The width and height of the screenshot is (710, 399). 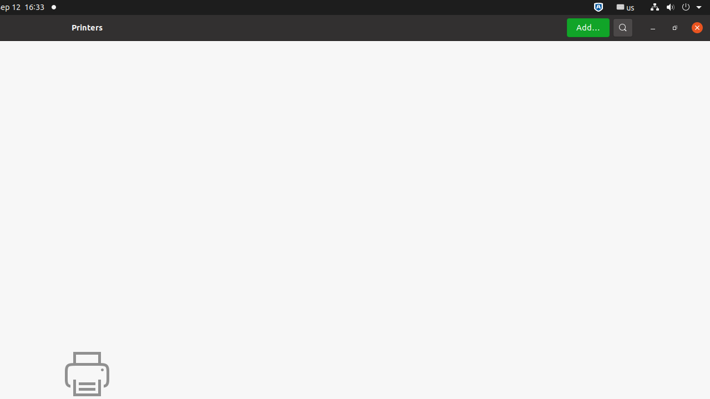 I want to click on 'Close', so click(x=696, y=27).